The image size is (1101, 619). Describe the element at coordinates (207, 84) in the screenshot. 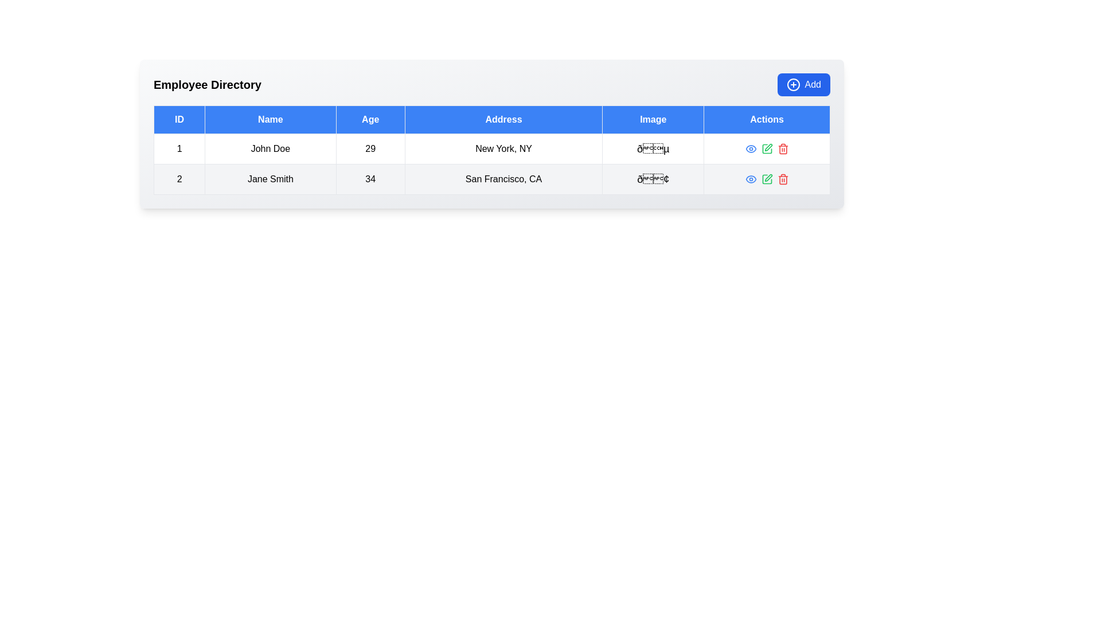

I see `the Text label that serves as the heading for the Employee Directory section, which is located in the top-left corner of the interface` at that location.